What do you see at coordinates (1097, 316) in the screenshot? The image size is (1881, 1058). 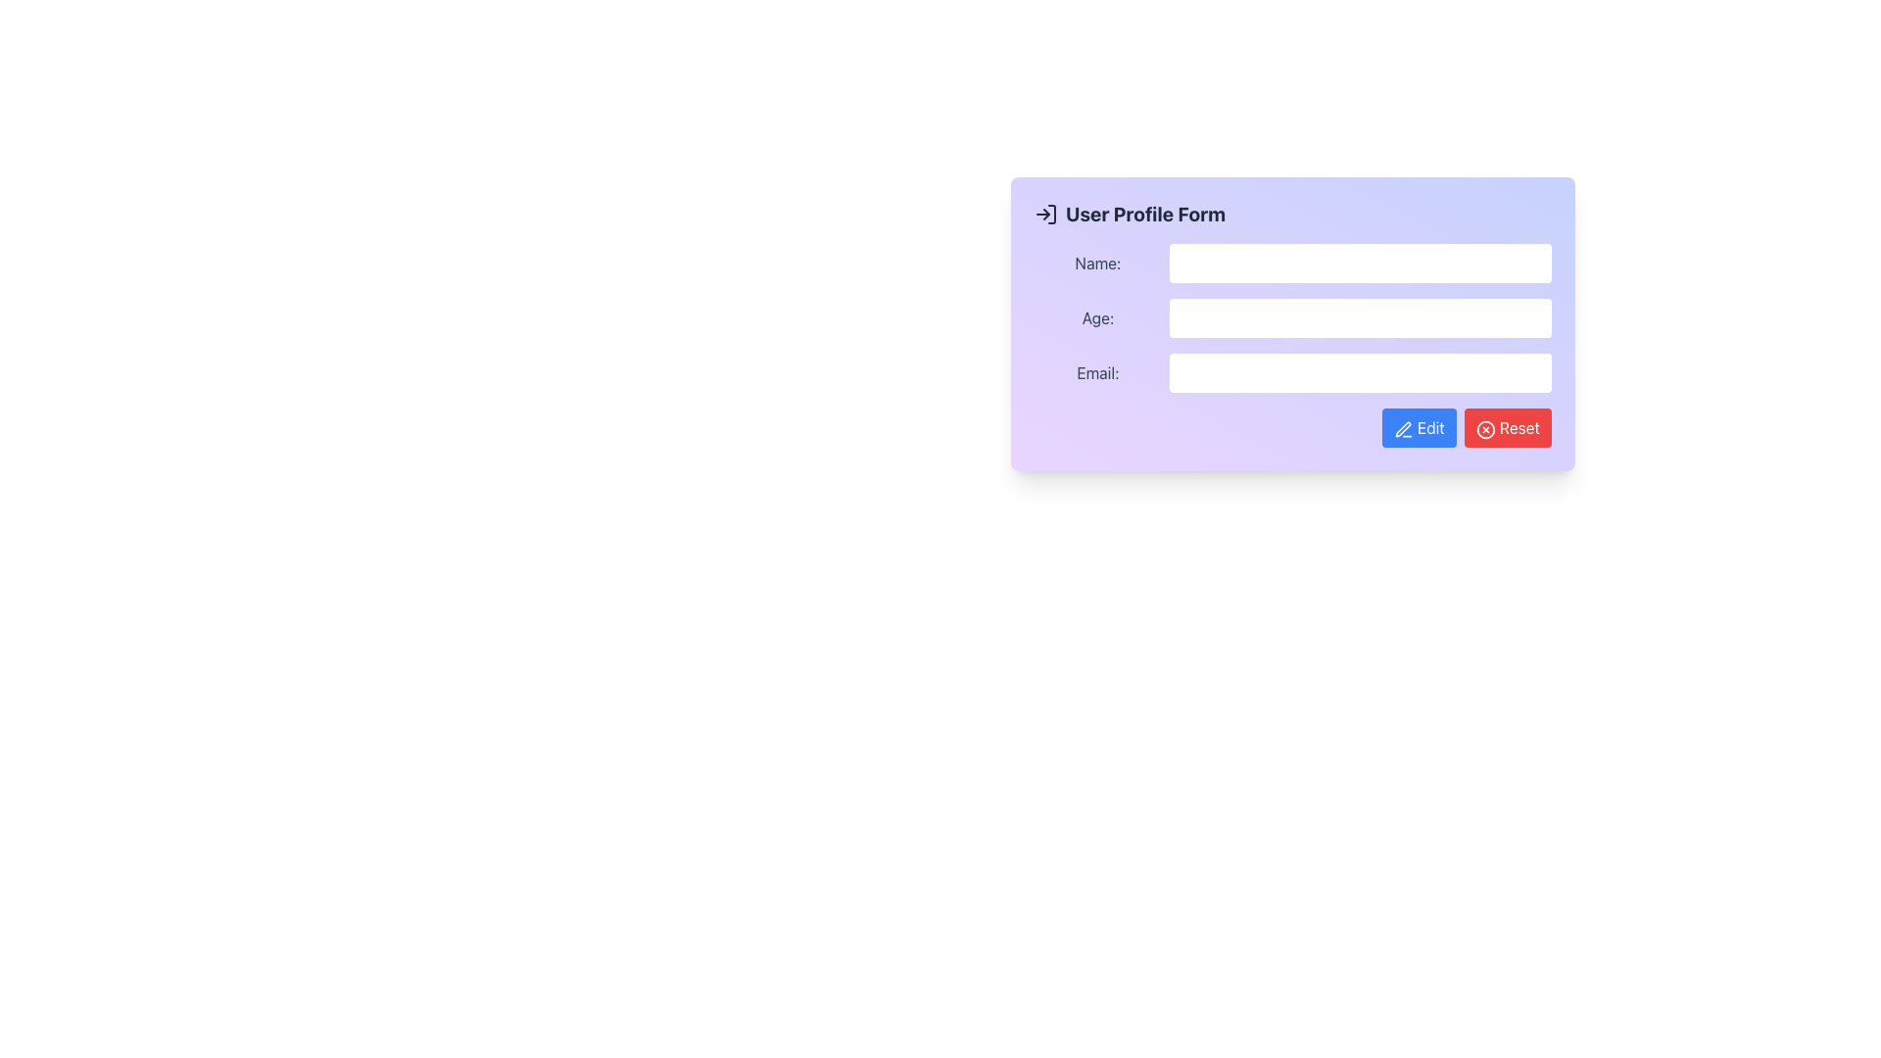 I see `the text label displaying 'Age:' located in the user profile form, which is styled with a muted gray color and appears in the second row to the left of the numeric input field for age` at bounding box center [1097, 316].